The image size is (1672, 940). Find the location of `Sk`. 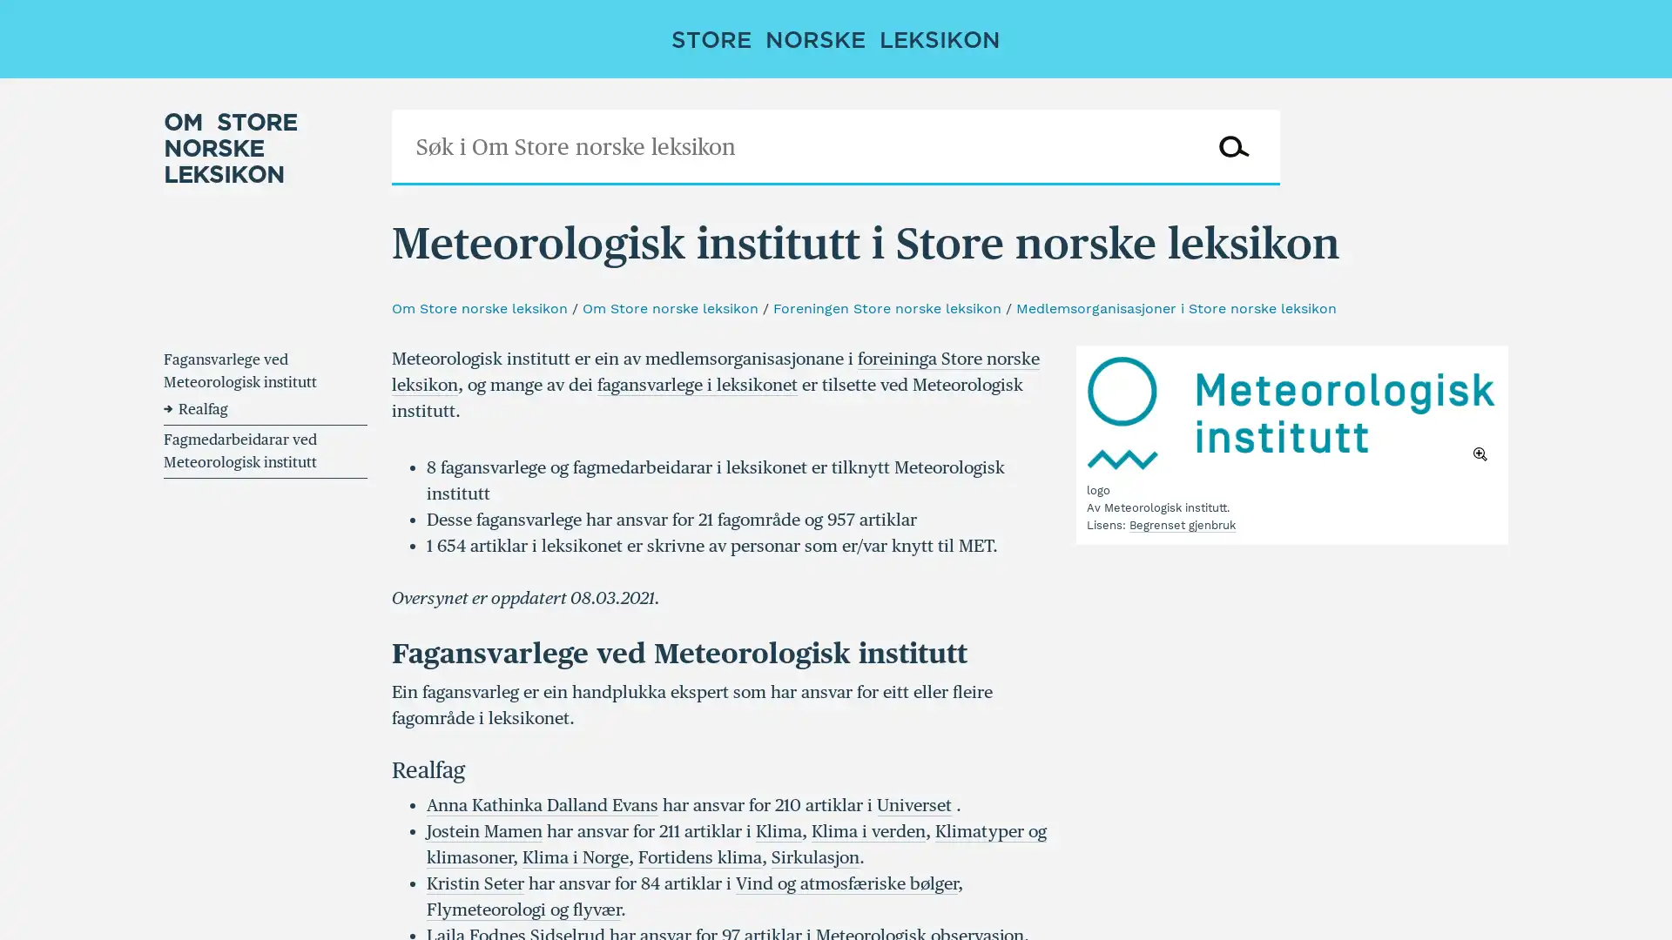

Sk is located at coordinates (1232, 146).